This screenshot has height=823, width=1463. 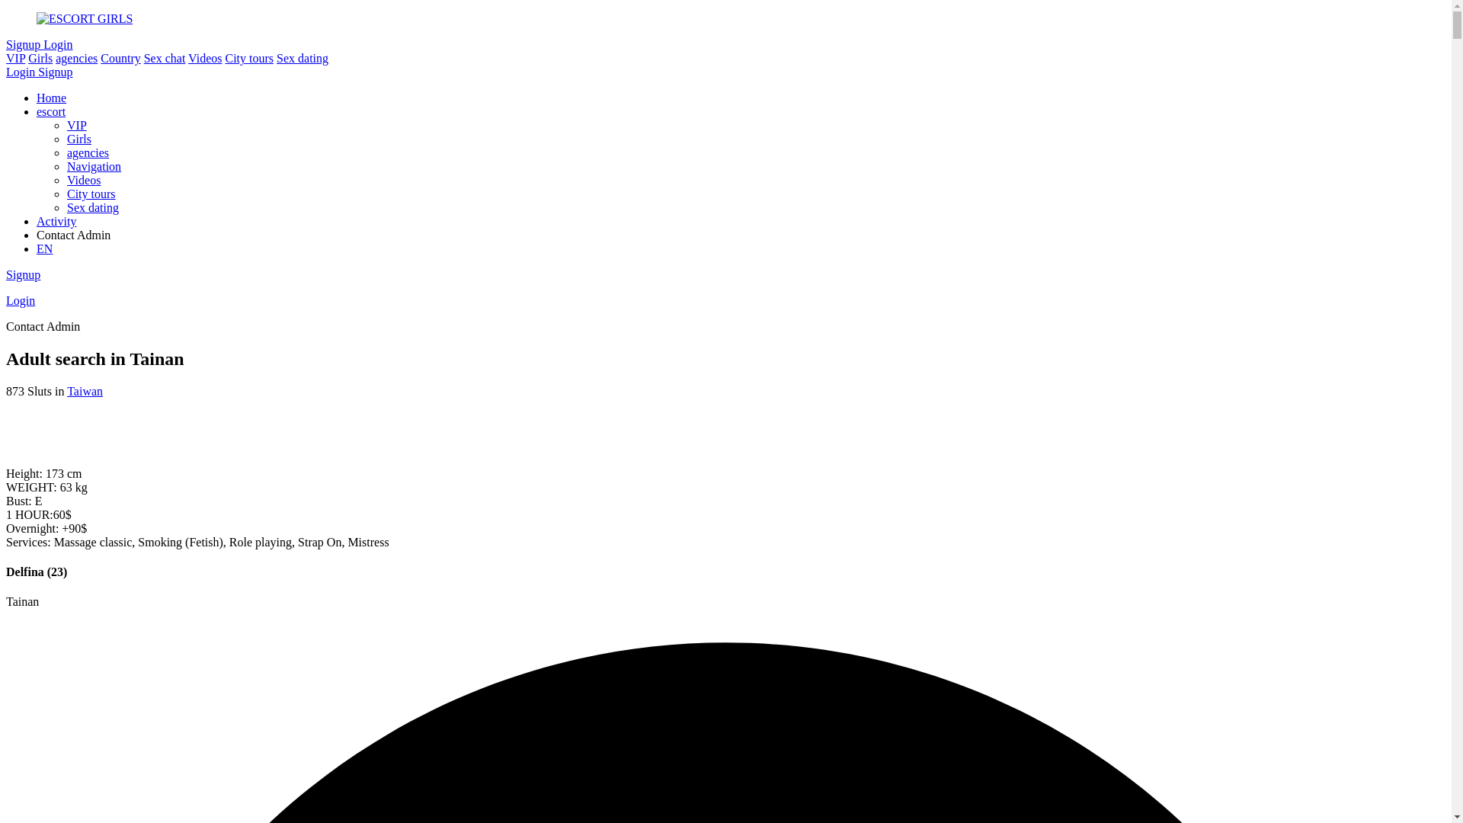 I want to click on 'Contact Admin', so click(x=72, y=235).